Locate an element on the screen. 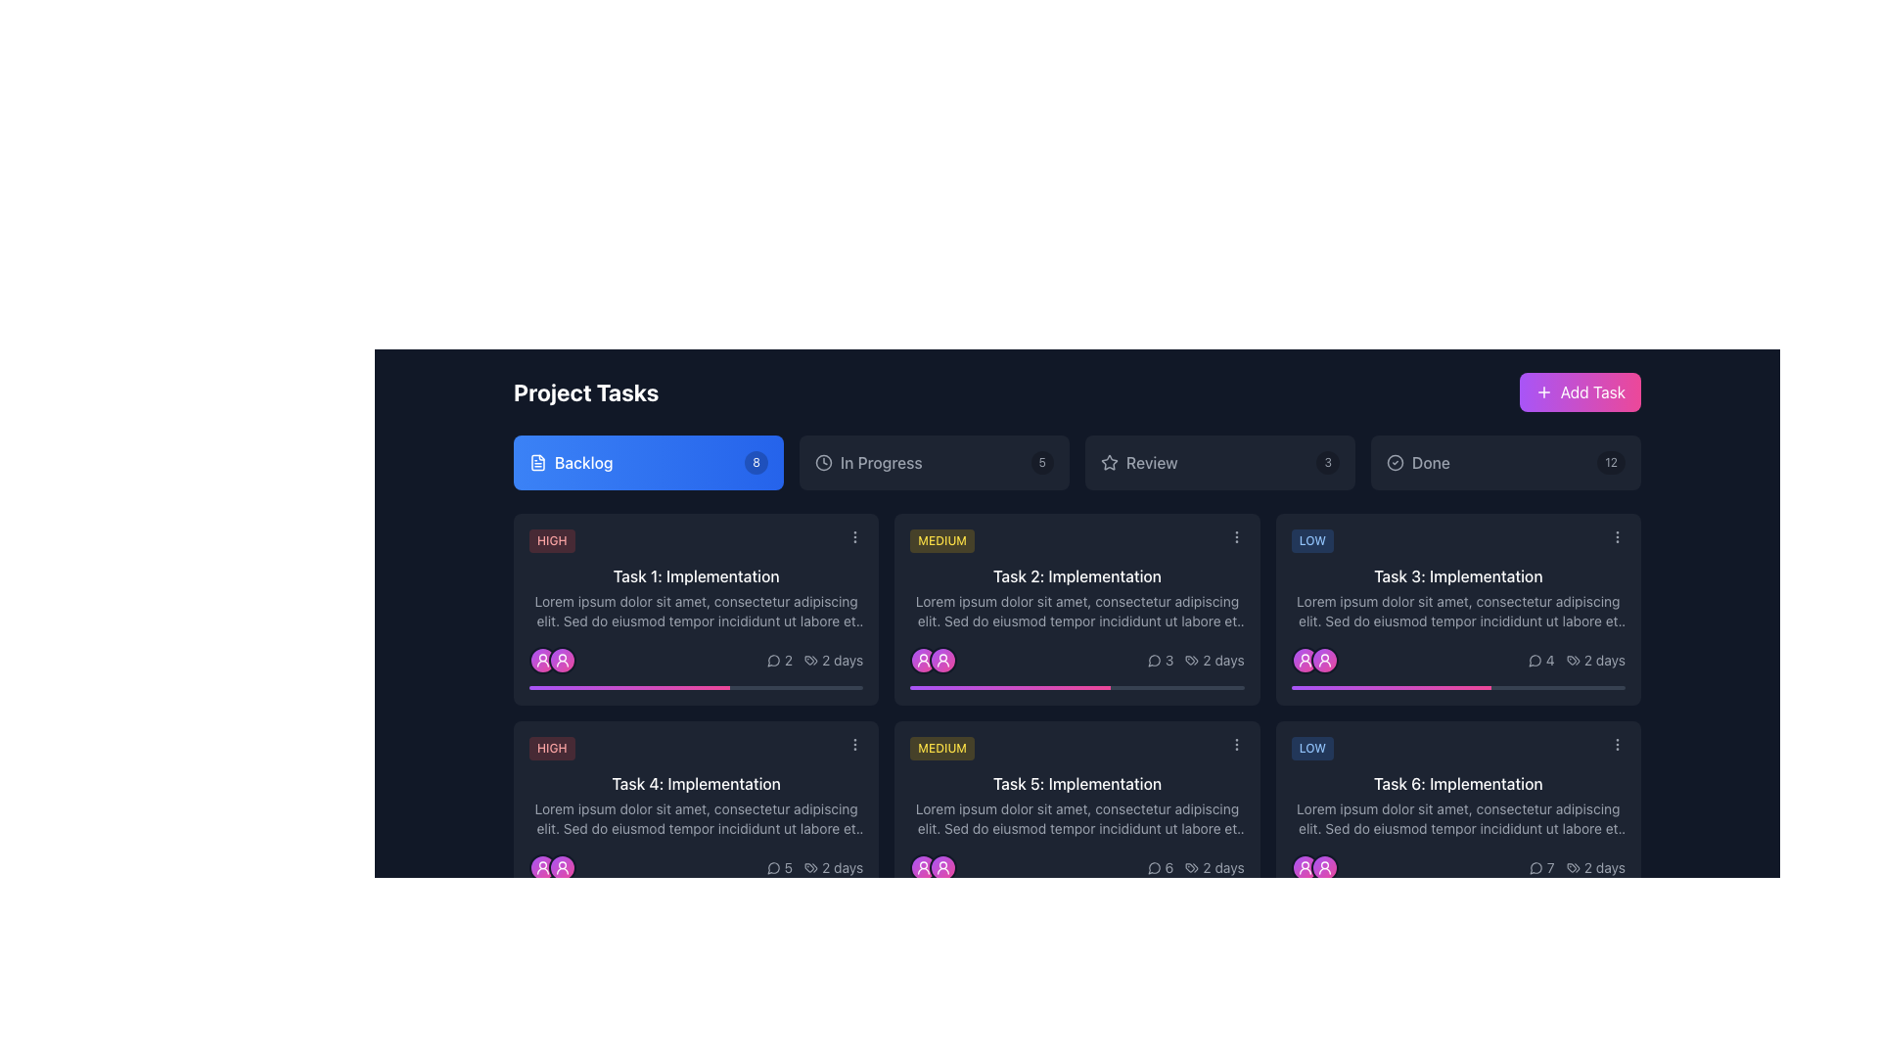 This screenshot has width=1879, height=1057. the text on the 'LOW' priority badge located at the top-left corner of the card labeled 'Task 6: Implementation' in the 'Done' section is located at coordinates (1312, 748).